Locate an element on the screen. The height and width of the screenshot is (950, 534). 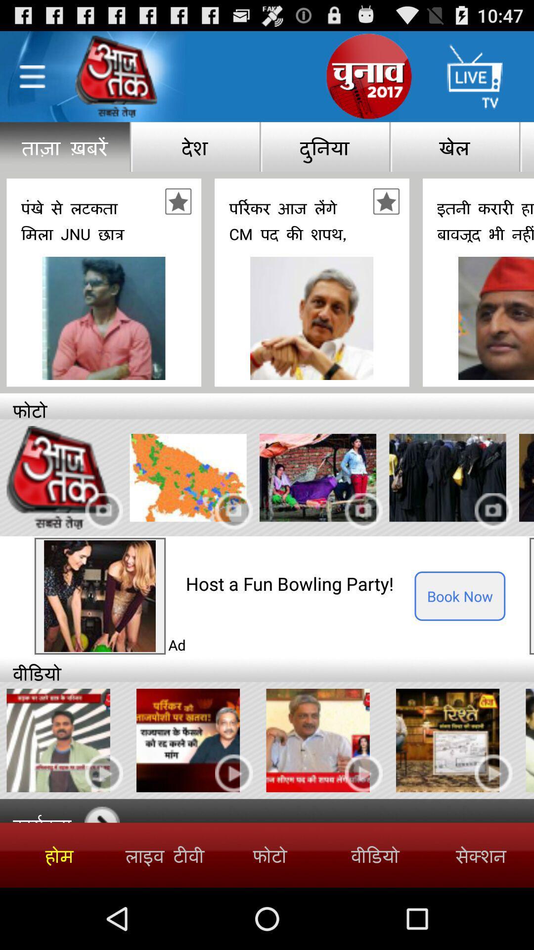
icon next to host a fun icon is located at coordinates (460, 595).